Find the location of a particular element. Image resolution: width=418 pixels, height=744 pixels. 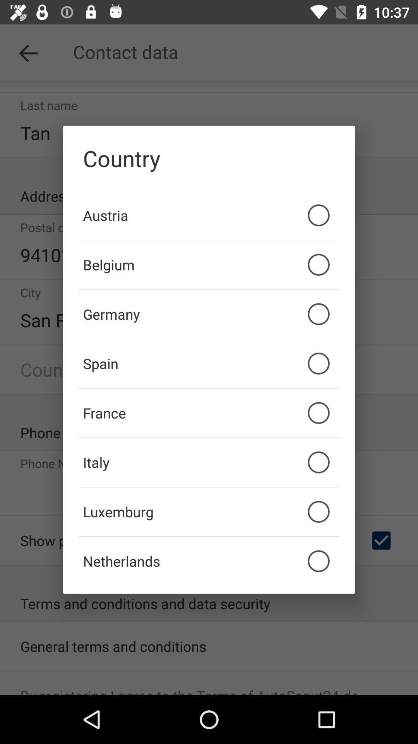

the germany icon is located at coordinates (209, 314).